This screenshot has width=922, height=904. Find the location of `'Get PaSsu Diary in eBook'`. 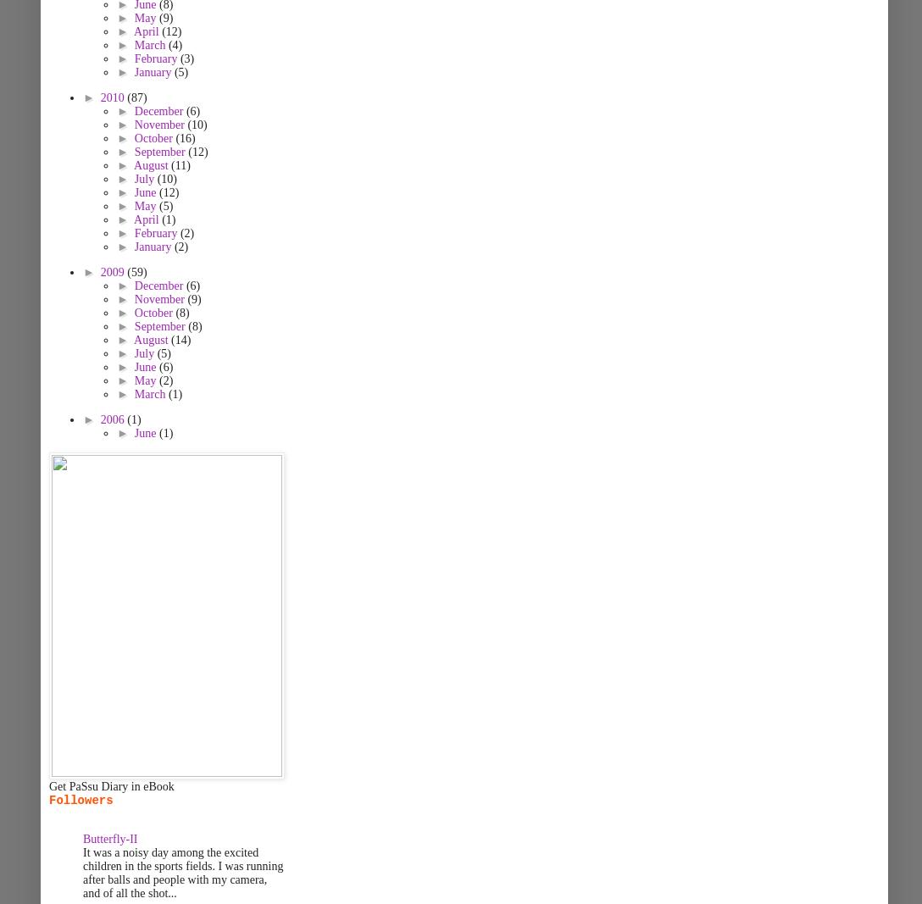

'Get PaSsu Diary in eBook' is located at coordinates (111, 786).